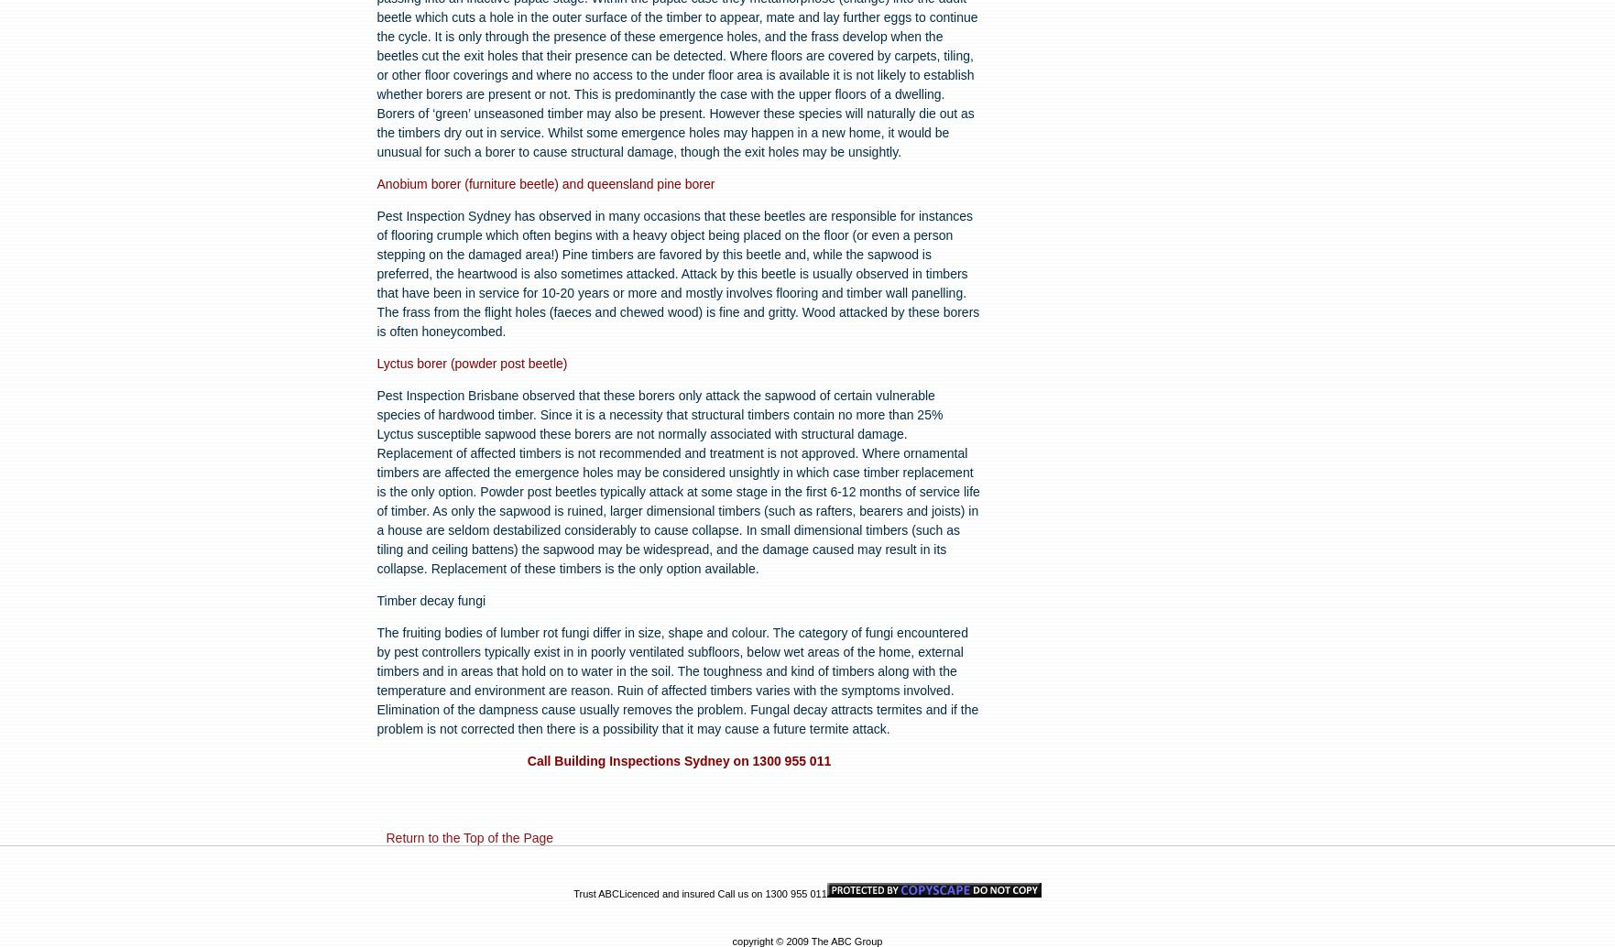 The height and width of the screenshot is (947, 1615). What do you see at coordinates (431, 600) in the screenshot?
I see `'Timber decay fungi'` at bounding box center [431, 600].